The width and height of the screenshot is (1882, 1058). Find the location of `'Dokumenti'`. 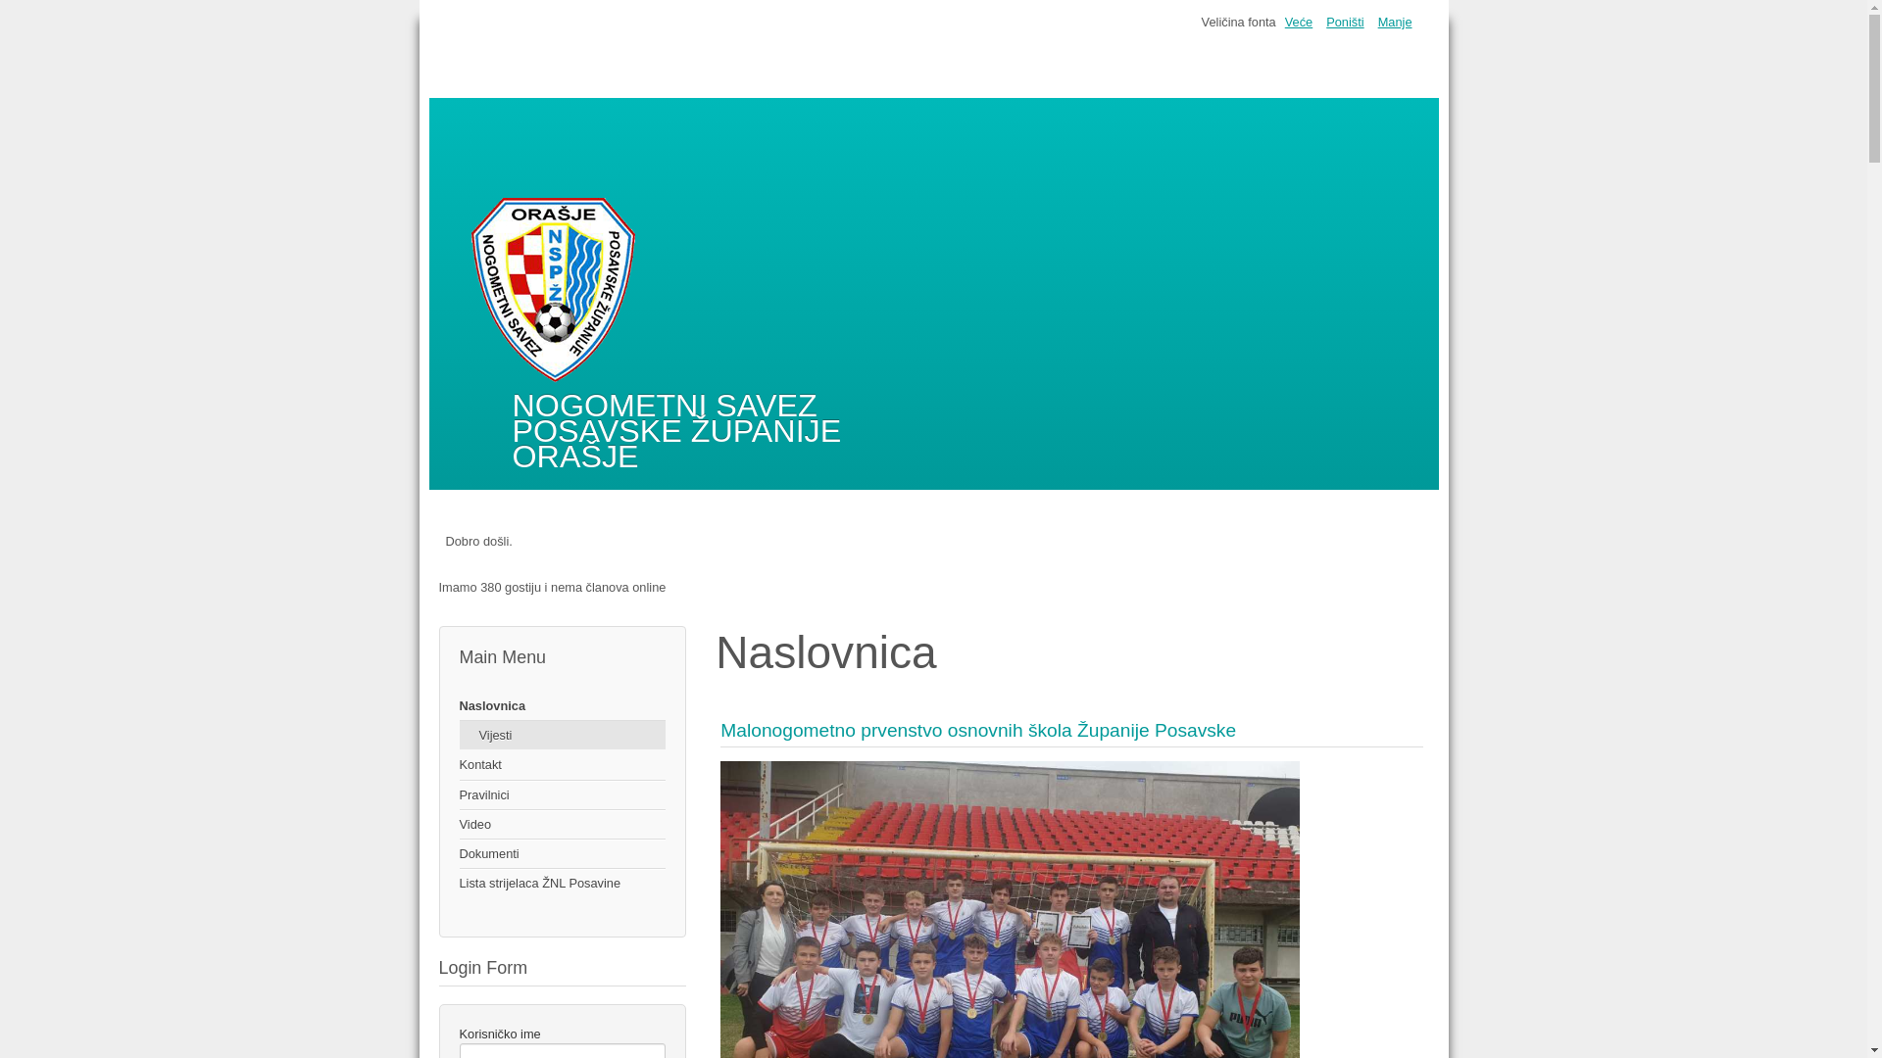

'Dokumenti' is located at coordinates (561, 852).